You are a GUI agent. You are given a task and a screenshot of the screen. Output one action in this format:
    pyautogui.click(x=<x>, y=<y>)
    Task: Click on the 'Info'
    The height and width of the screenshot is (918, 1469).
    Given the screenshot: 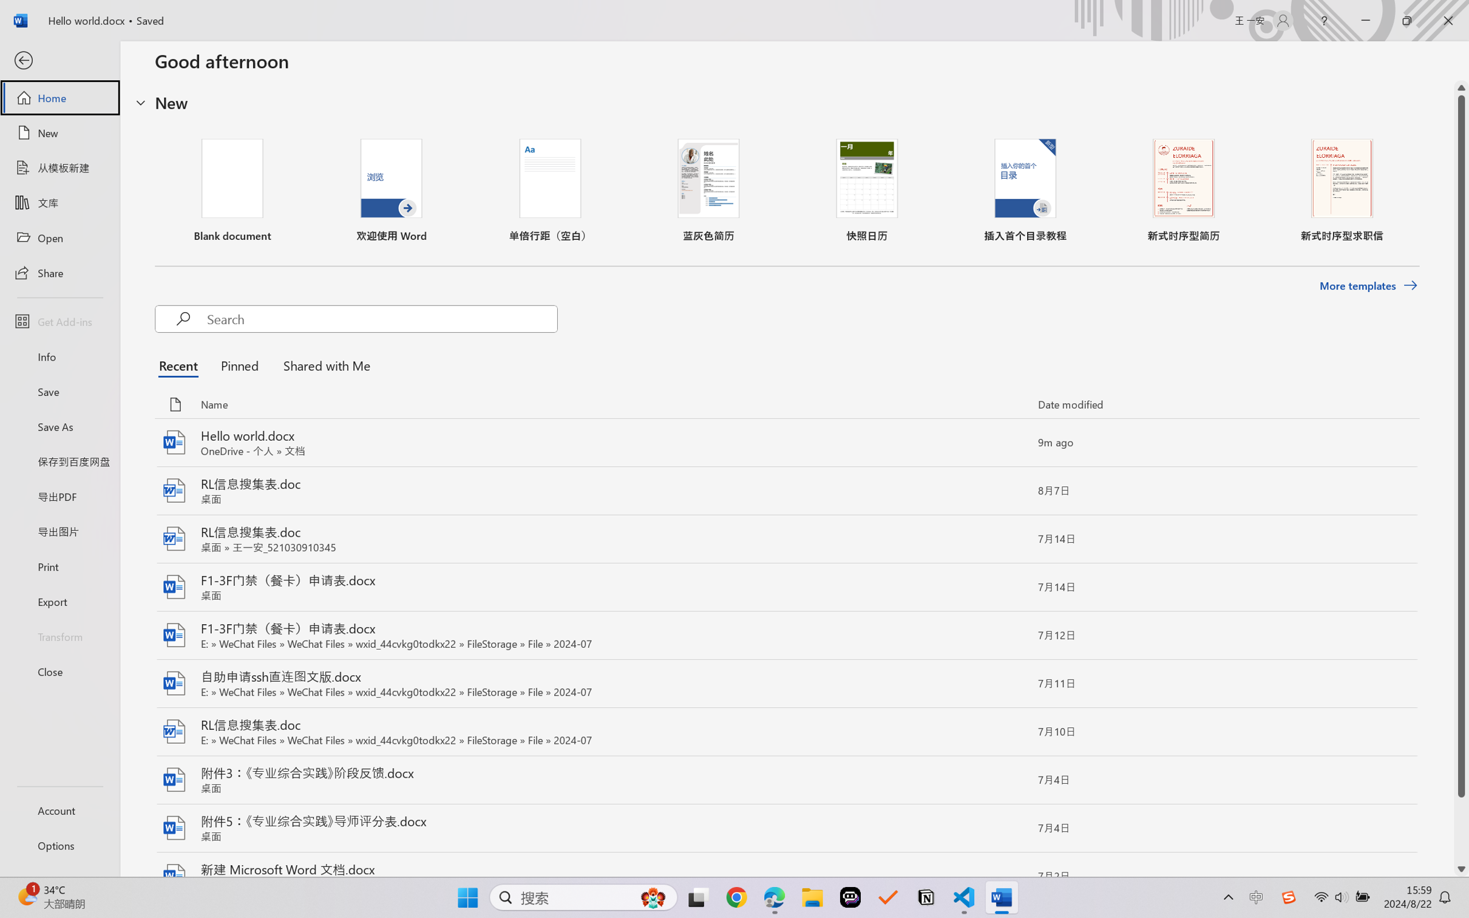 What is the action you would take?
    pyautogui.click(x=59, y=356)
    